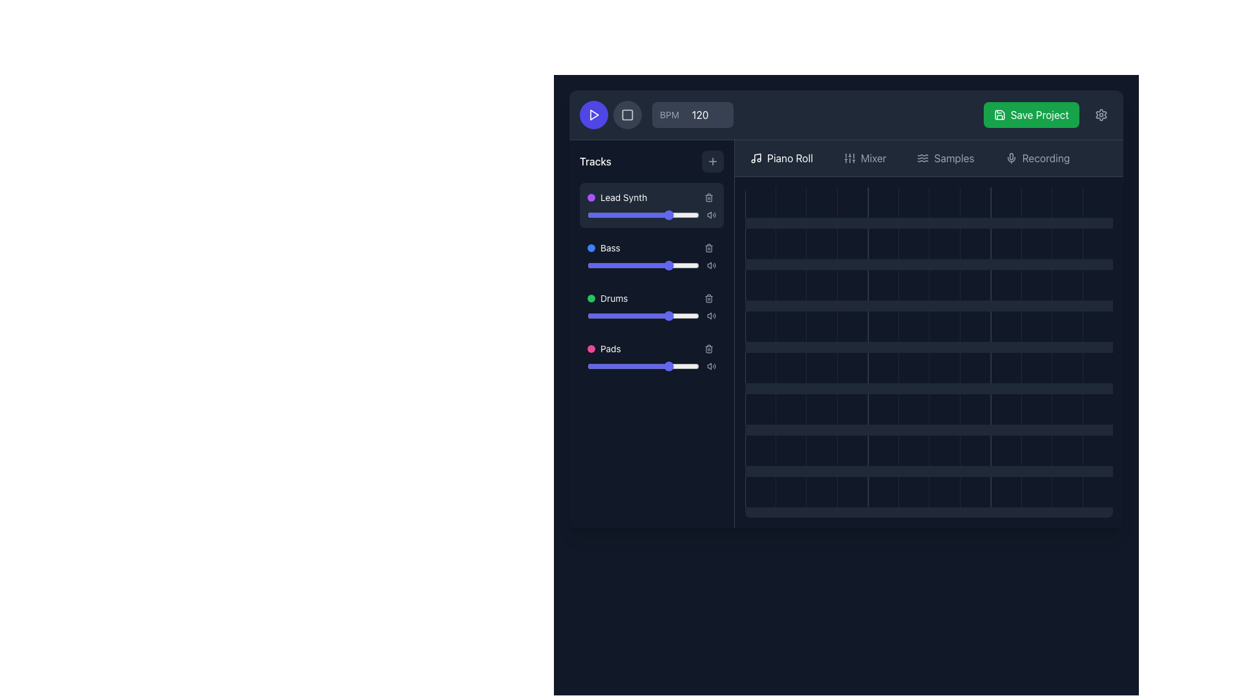  What do you see at coordinates (708, 197) in the screenshot?
I see `the trash bin icon button located at the top-right corner of the 'Lead Synth' track entry` at bounding box center [708, 197].